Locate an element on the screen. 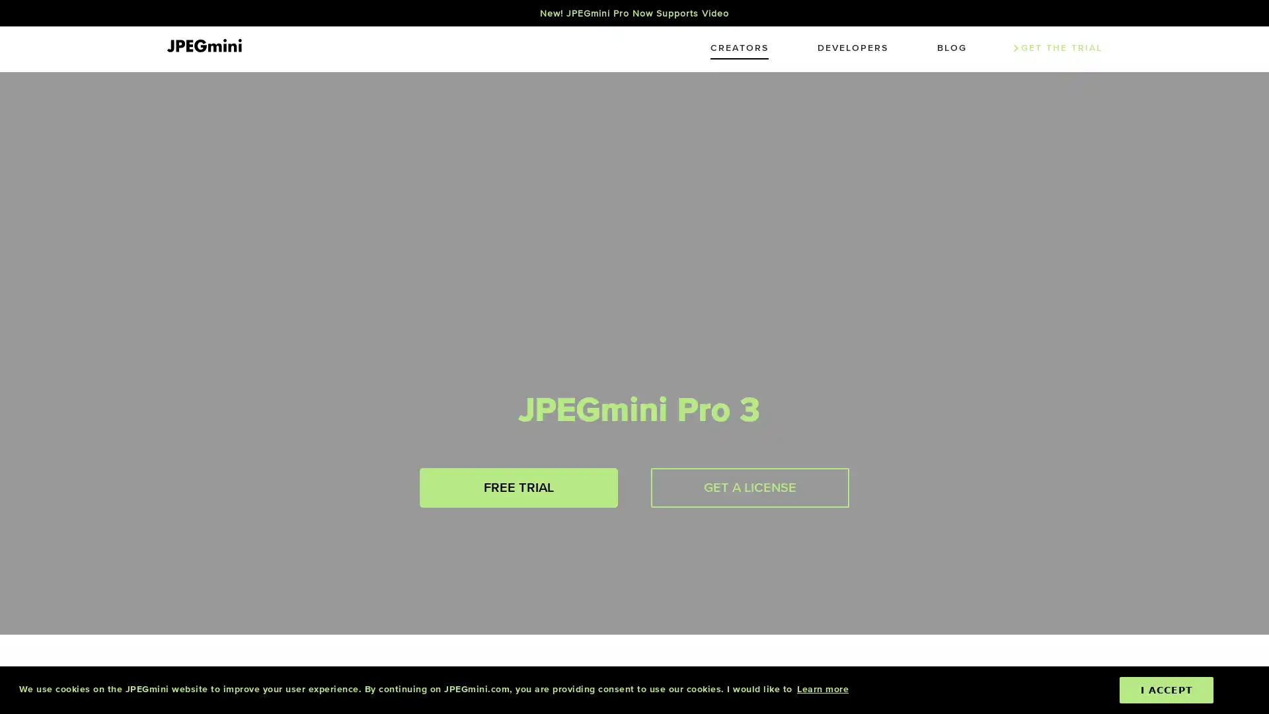 The image size is (1269, 714). dismiss cookie message is located at coordinates (1167, 690).